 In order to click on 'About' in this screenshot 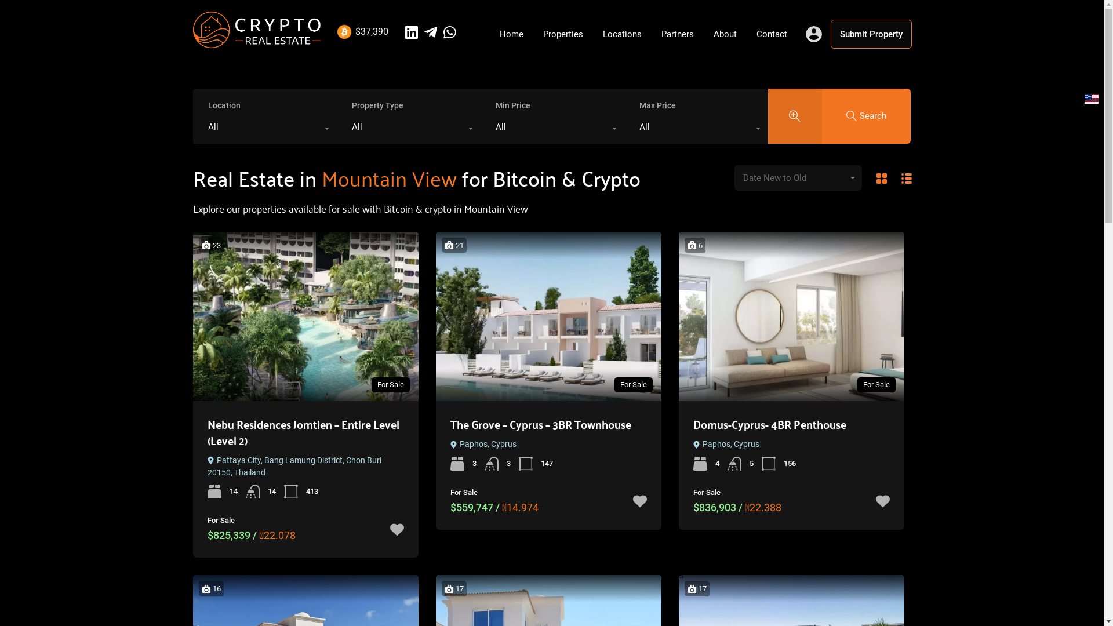, I will do `click(703, 33)`.